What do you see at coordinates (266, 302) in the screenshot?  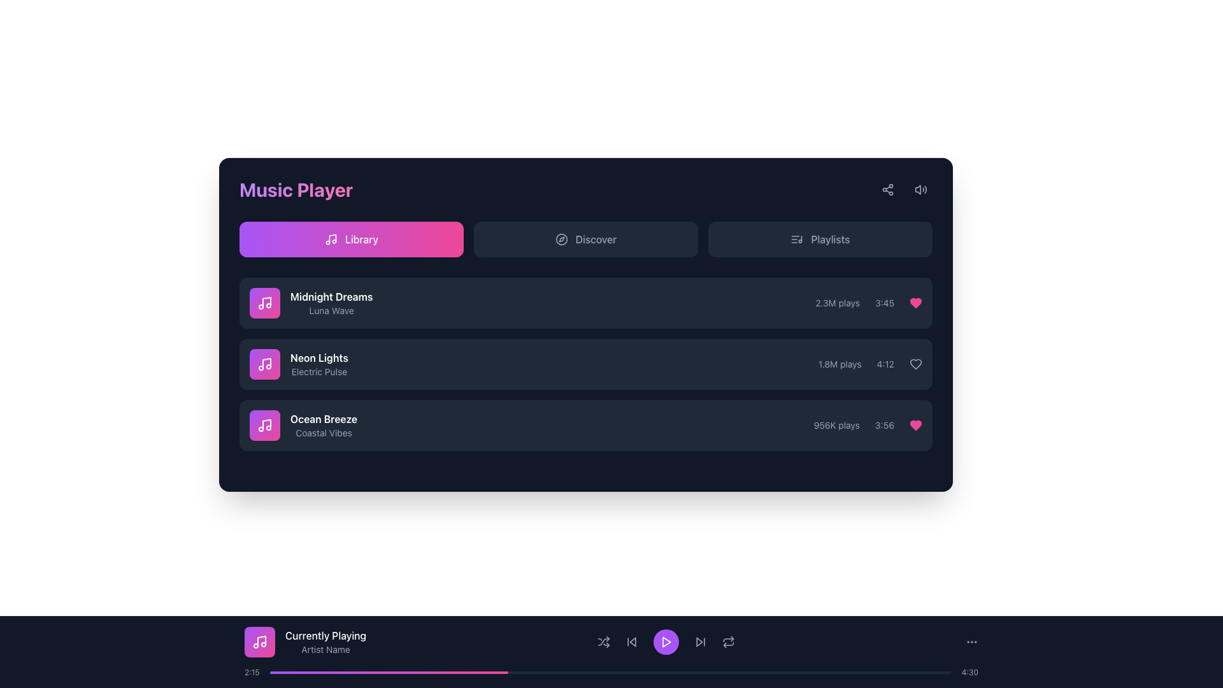 I see `the vertical line component of the music note icon, which is part of the interface for the track row labeled 'Midnight Dreams', situated in the top left section of the music player's interface` at bounding box center [266, 302].